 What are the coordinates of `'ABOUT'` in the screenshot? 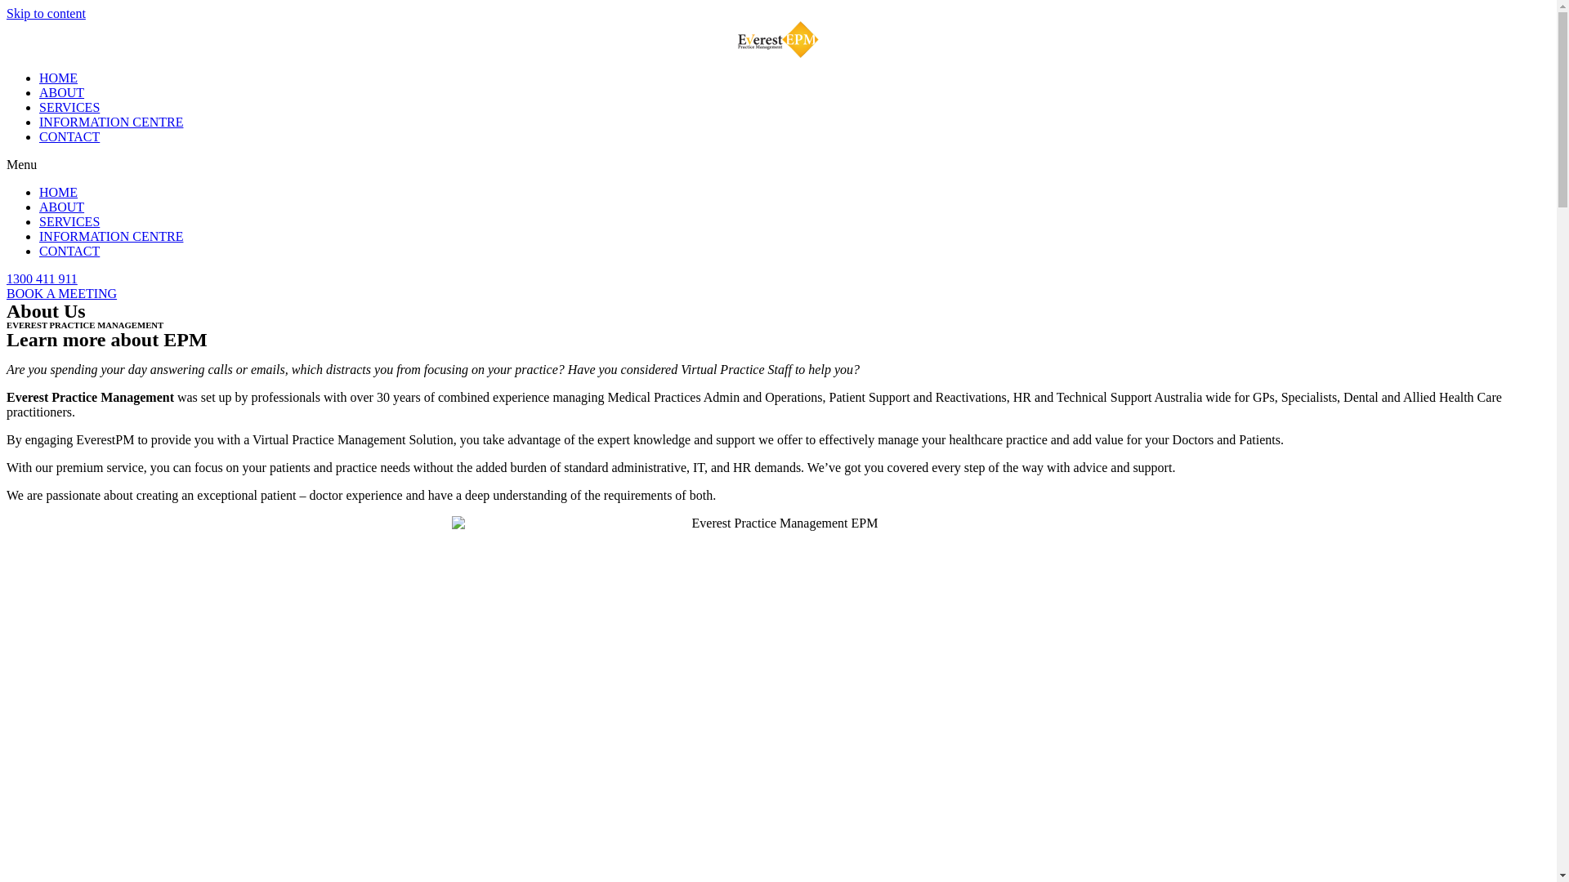 It's located at (61, 206).